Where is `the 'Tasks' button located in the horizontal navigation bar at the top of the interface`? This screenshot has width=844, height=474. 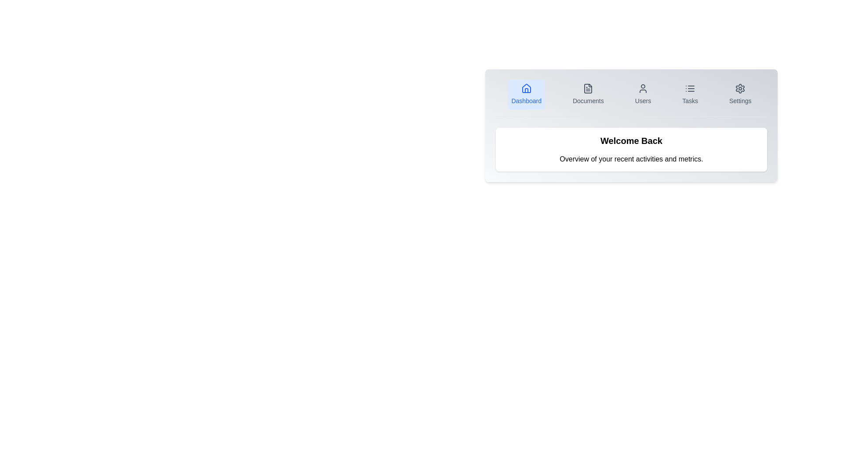 the 'Tasks' button located in the horizontal navigation bar at the top of the interface is located at coordinates (689, 95).